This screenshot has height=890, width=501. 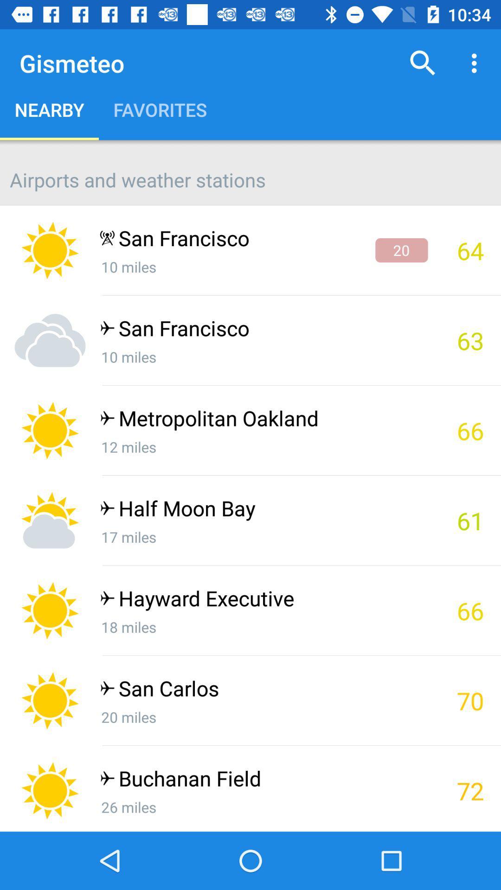 I want to click on the app next to the 70 item, so click(x=263, y=690).